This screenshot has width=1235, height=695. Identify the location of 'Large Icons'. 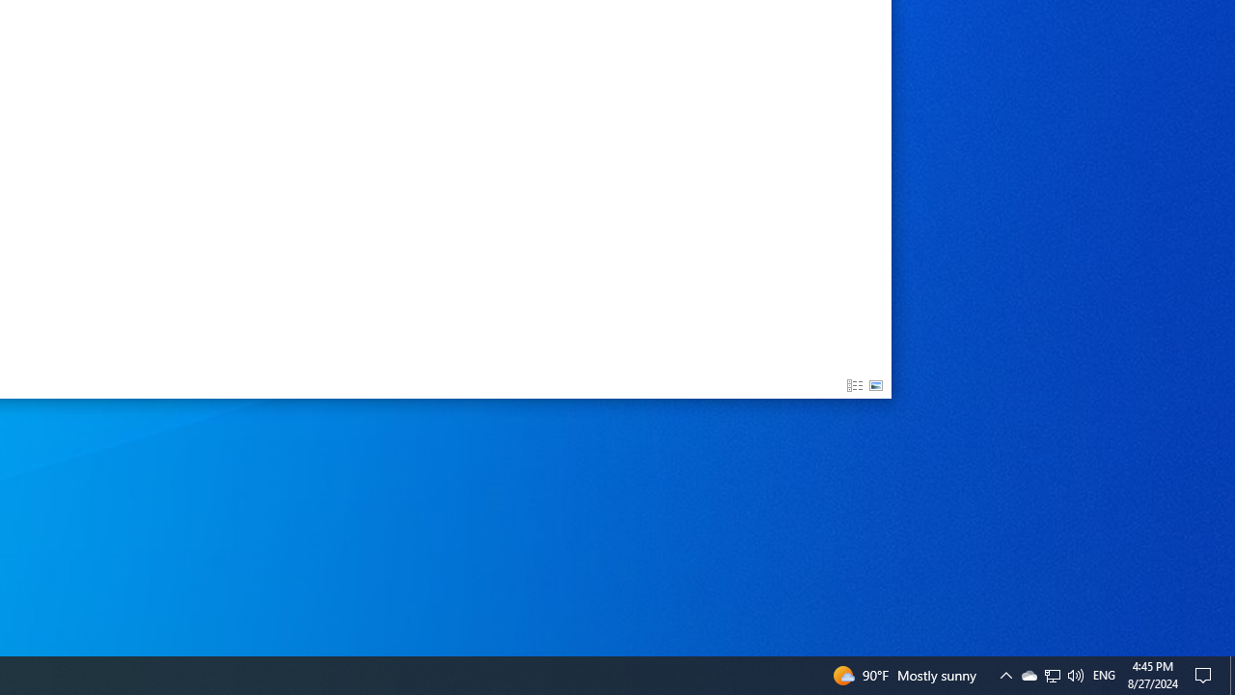
(875, 386).